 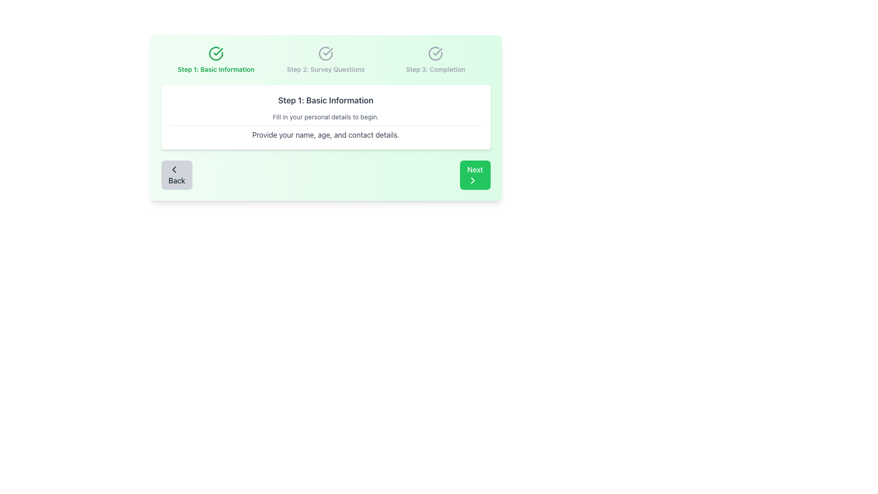 What do you see at coordinates (435, 54) in the screenshot?
I see `the state of the circular icon with a checkmark inside, styled in minimalist design, located above the text label 'Step 3: Completion' in the onboarding interface` at bounding box center [435, 54].